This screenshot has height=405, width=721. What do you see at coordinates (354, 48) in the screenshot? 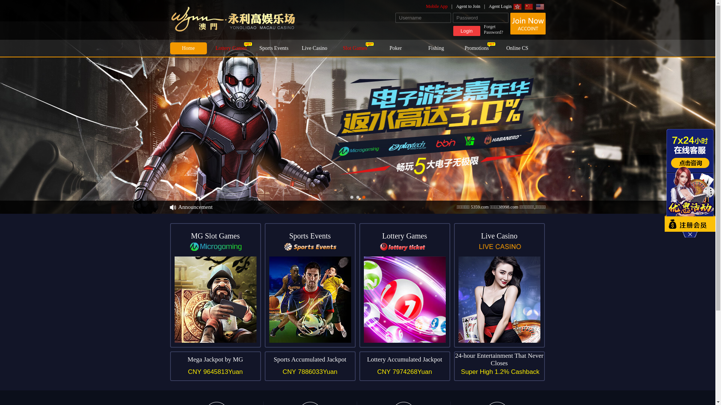
I see `'Slot Games'` at bounding box center [354, 48].